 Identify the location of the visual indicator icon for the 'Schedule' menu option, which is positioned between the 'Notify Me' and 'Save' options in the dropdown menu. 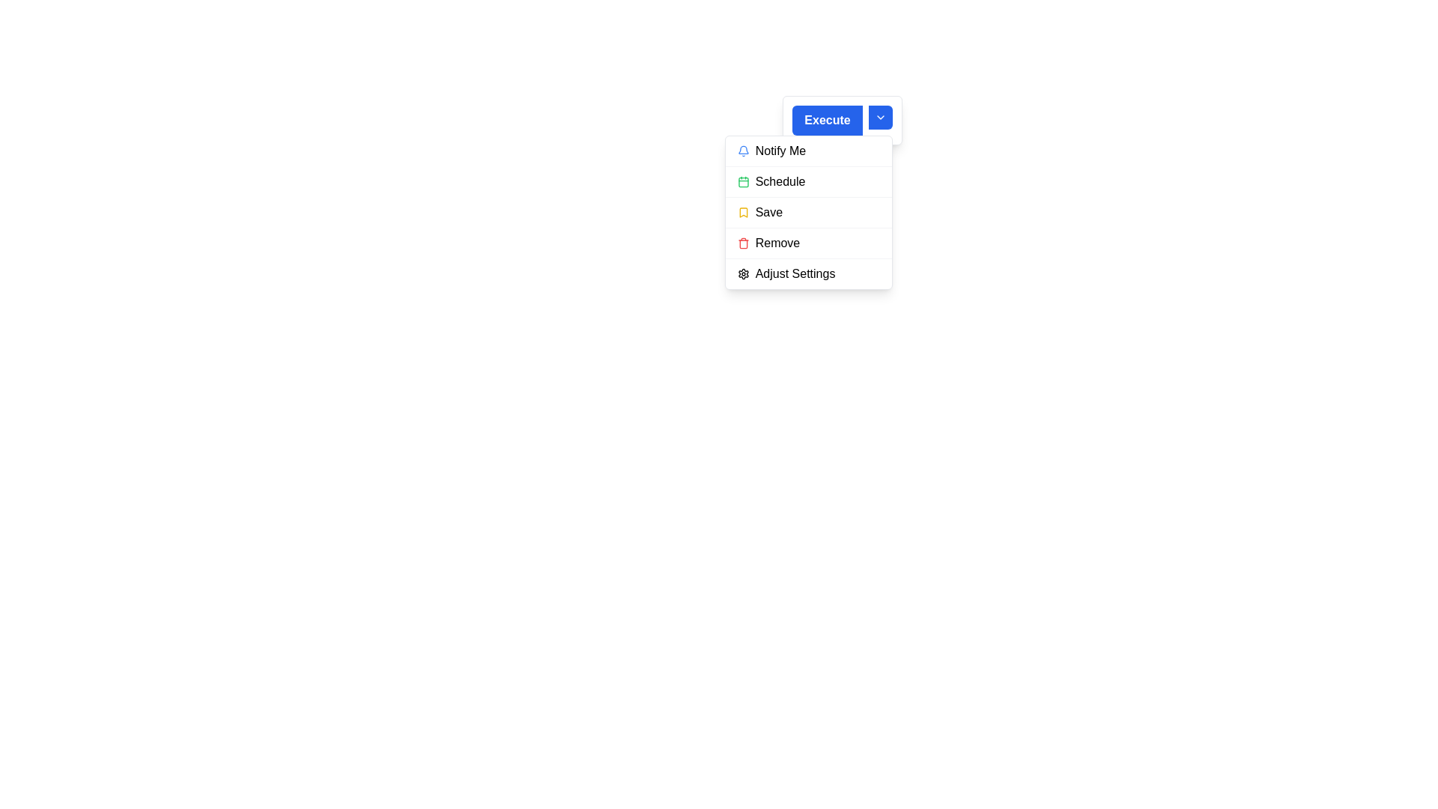
(743, 181).